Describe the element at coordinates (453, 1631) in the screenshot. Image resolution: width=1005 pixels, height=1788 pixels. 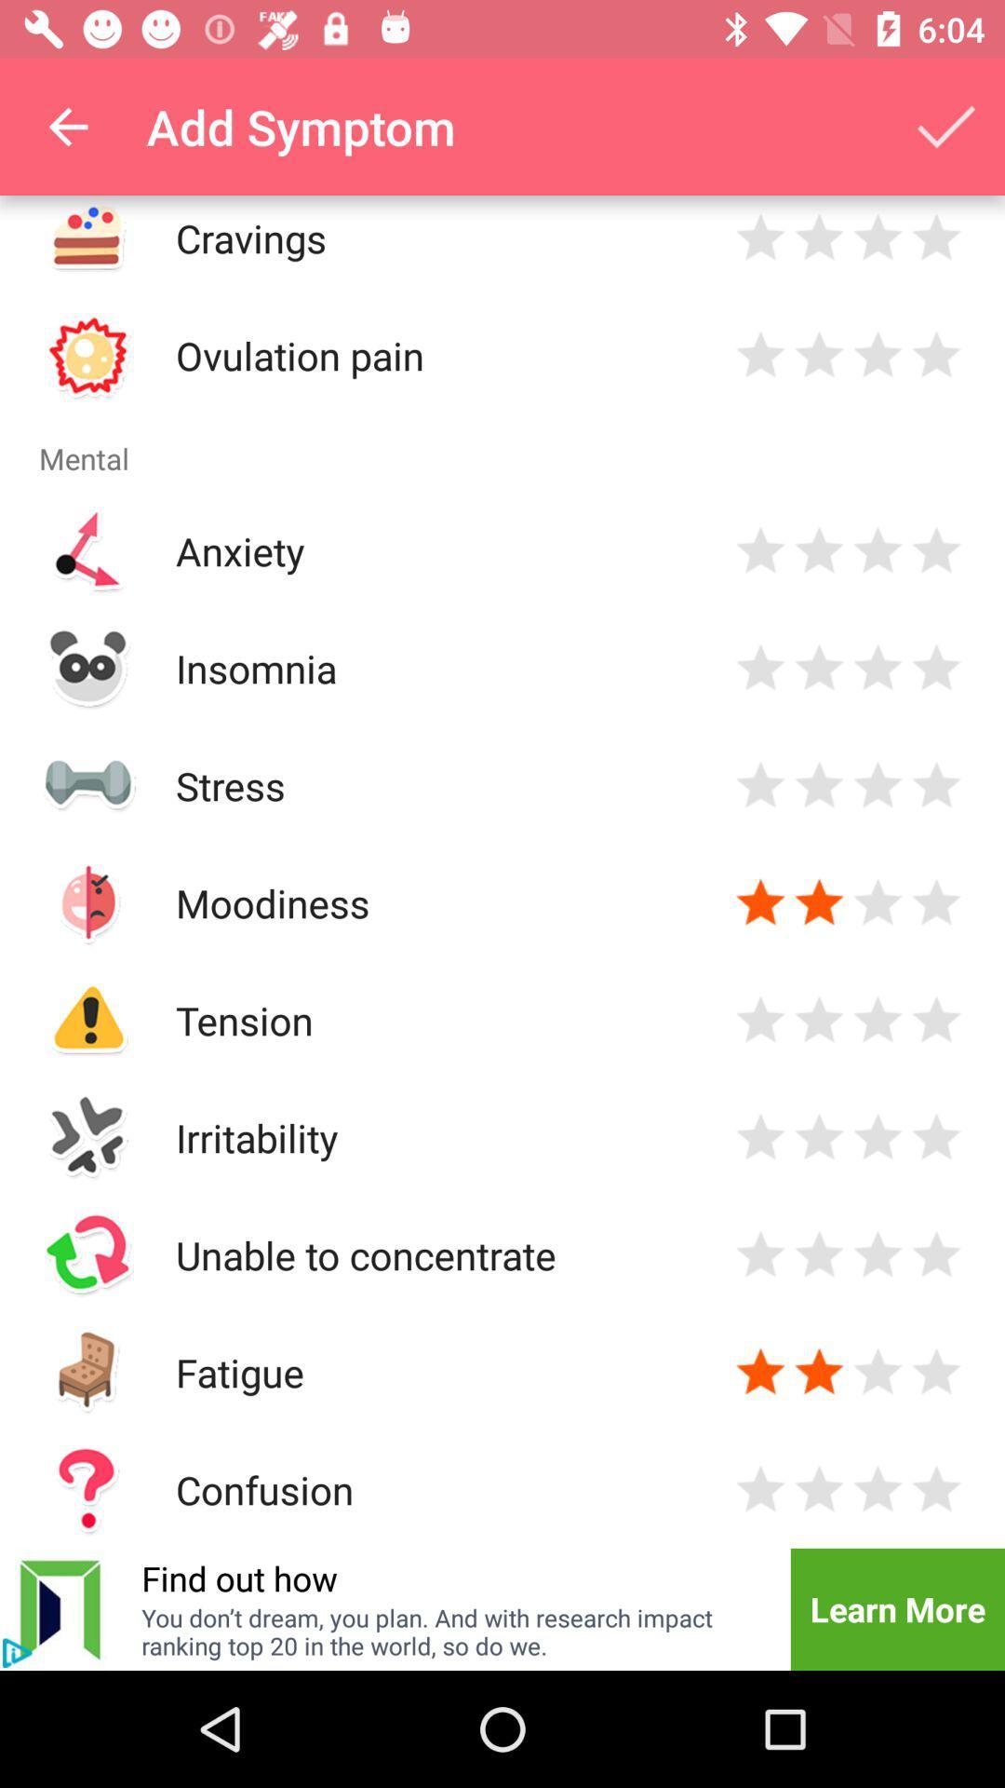
I see `icon to the left of the learn more` at that location.